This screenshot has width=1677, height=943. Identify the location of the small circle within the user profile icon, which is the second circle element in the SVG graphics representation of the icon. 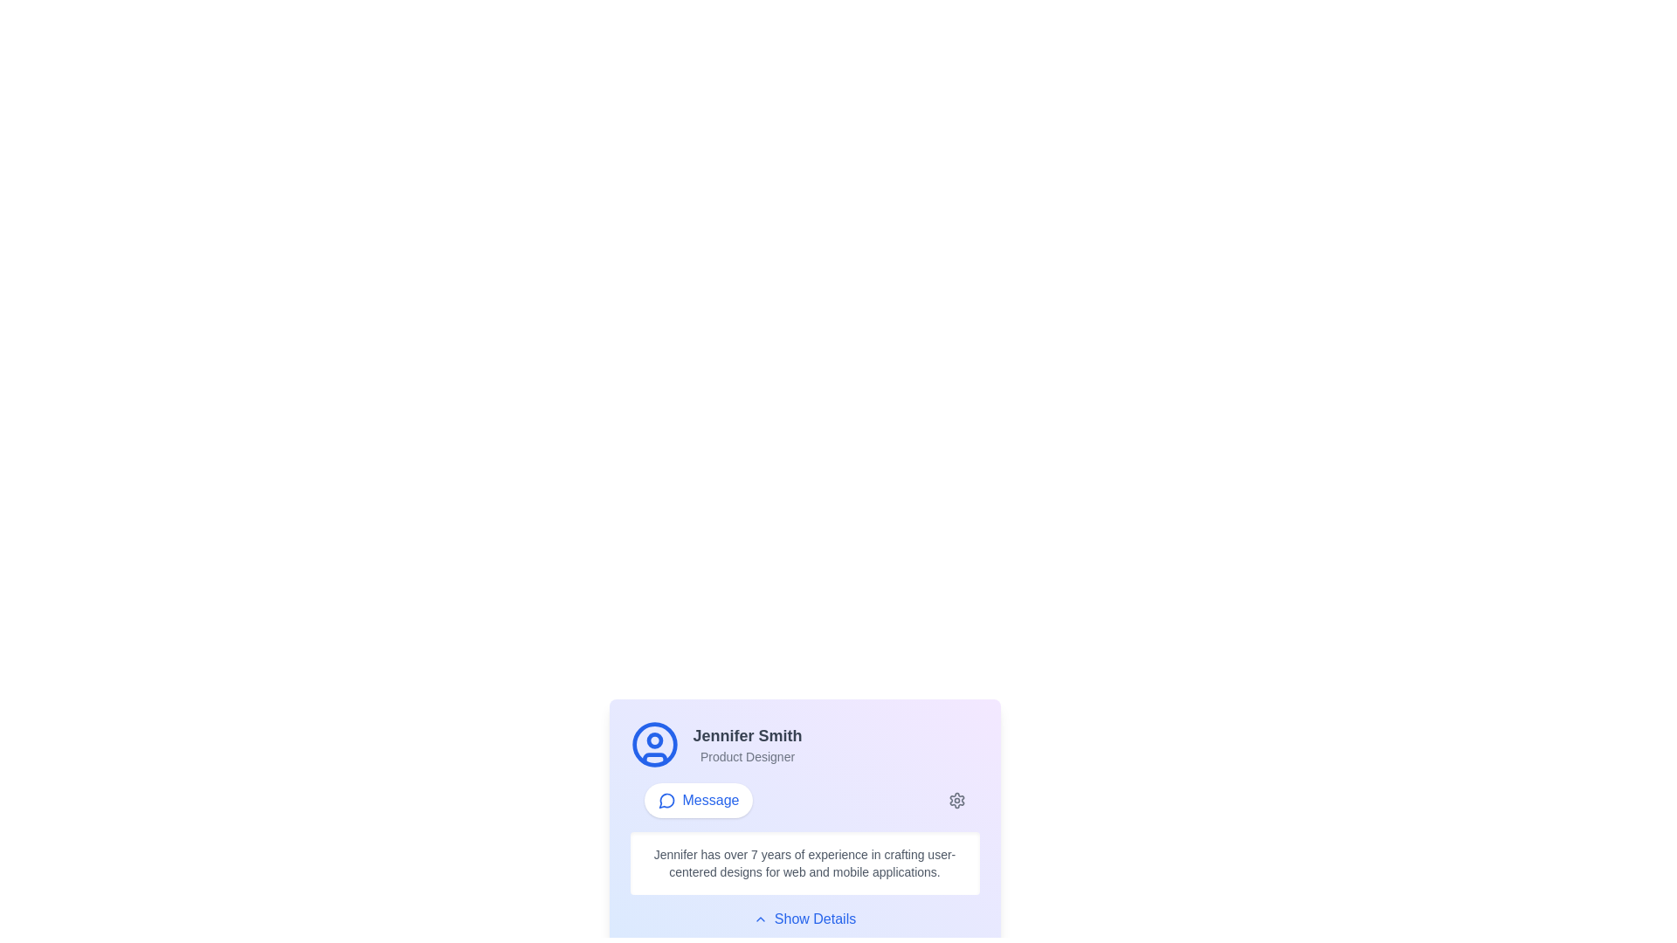
(653, 740).